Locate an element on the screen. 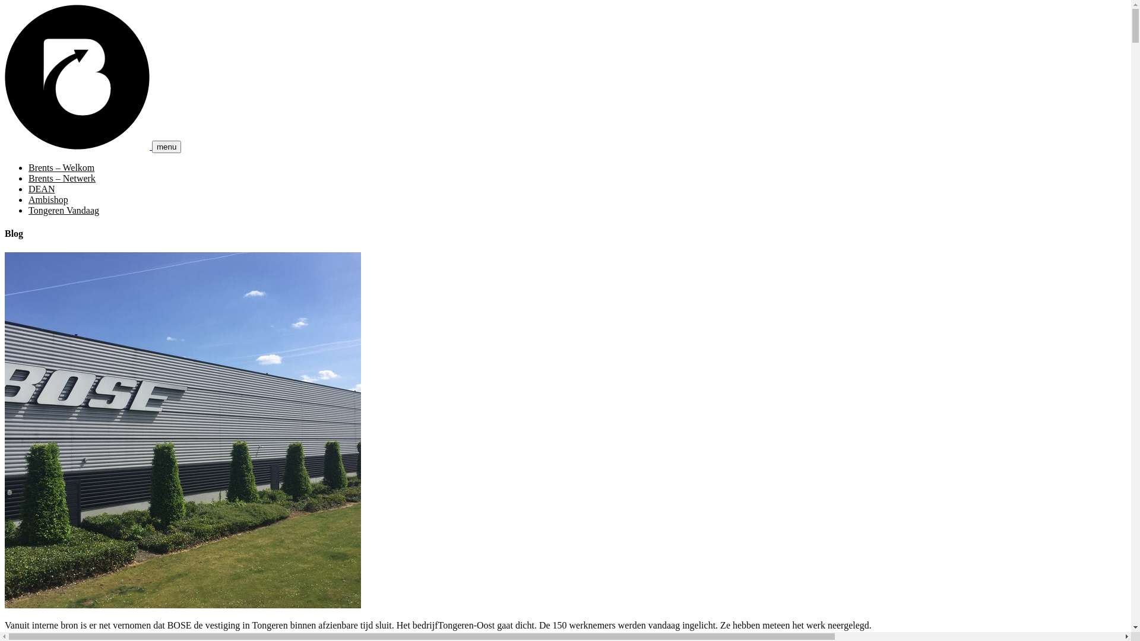  'Ambishop' is located at coordinates (28, 199).